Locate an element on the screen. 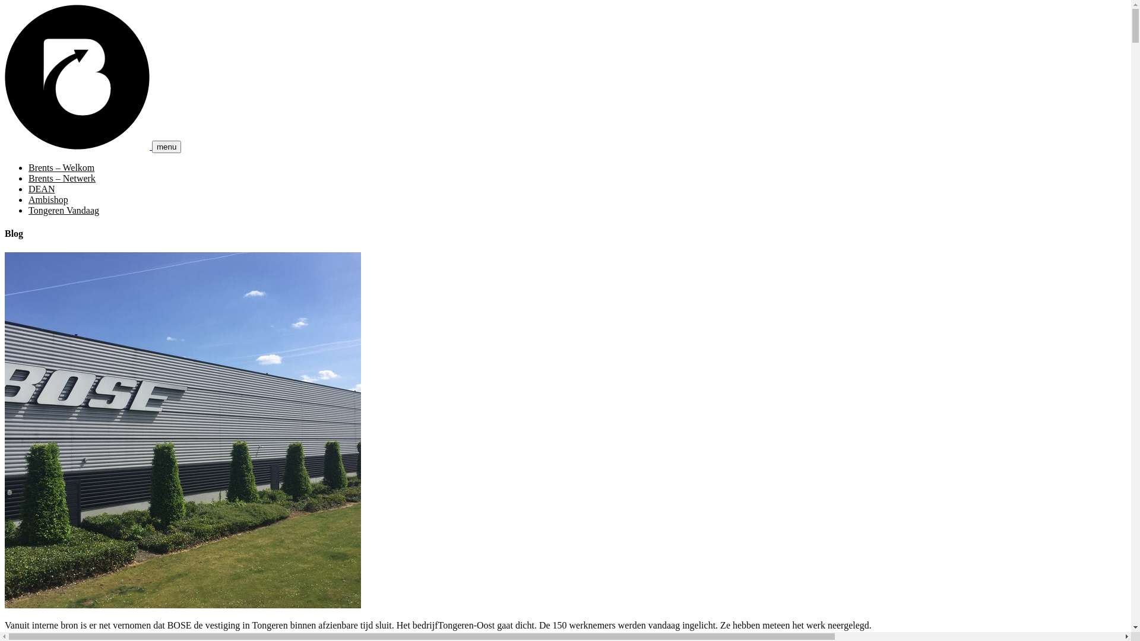  'Ambishop' is located at coordinates (28, 199).